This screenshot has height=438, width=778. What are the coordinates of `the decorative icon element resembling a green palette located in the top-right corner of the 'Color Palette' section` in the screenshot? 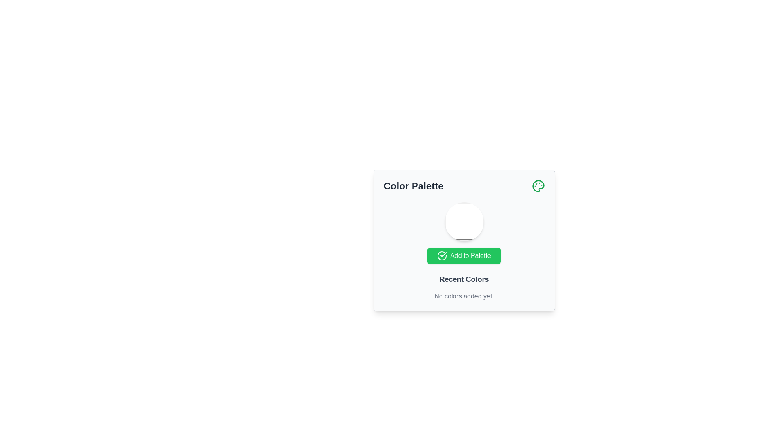 It's located at (538, 186).